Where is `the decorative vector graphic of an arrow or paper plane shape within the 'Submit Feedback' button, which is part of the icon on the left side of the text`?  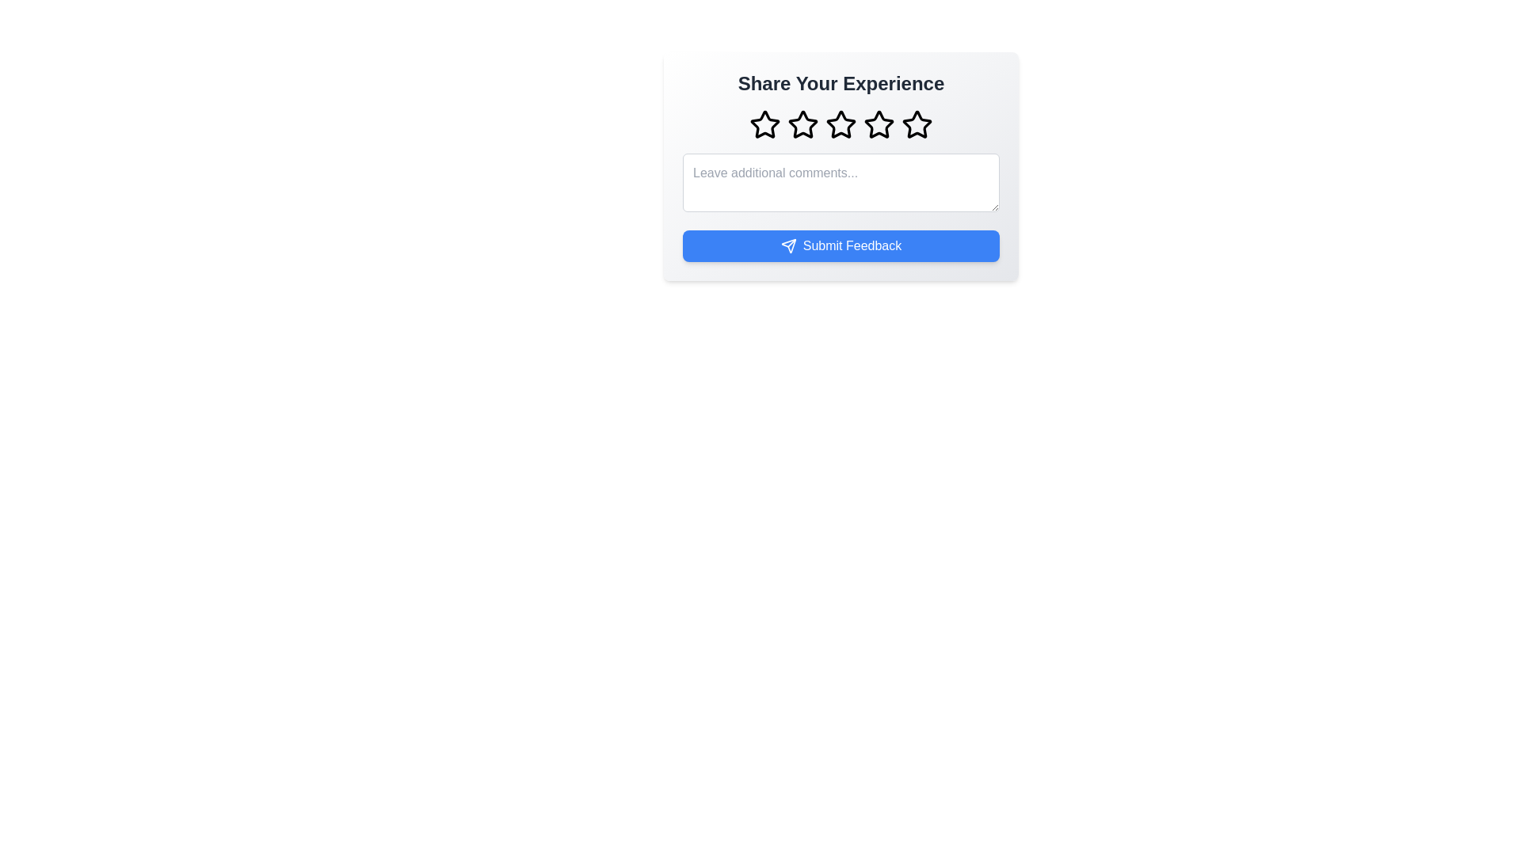
the decorative vector graphic of an arrow or paper plane shape within the 'Submit Feedback' button, which is part of the icon on the left side of the text is located at coordinates (788, 246).